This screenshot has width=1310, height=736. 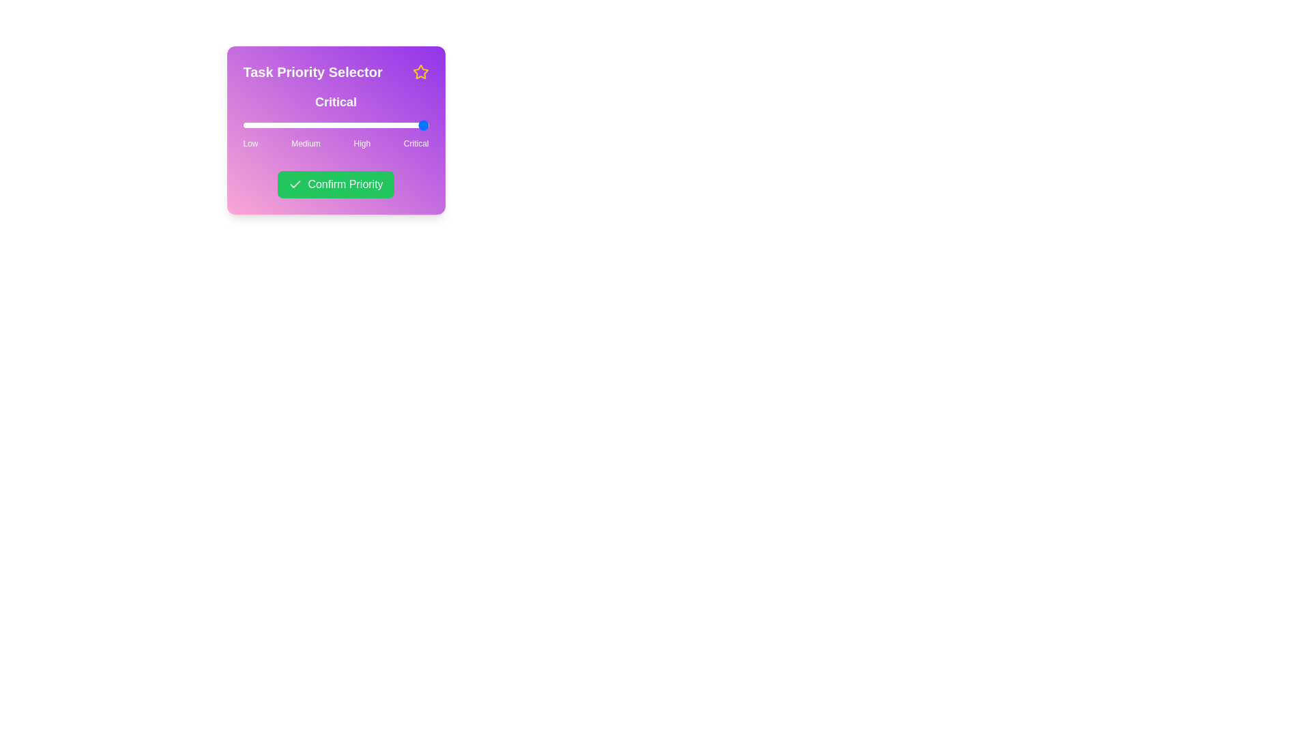 I want to click on the priority level, so click(x=366, y=125).